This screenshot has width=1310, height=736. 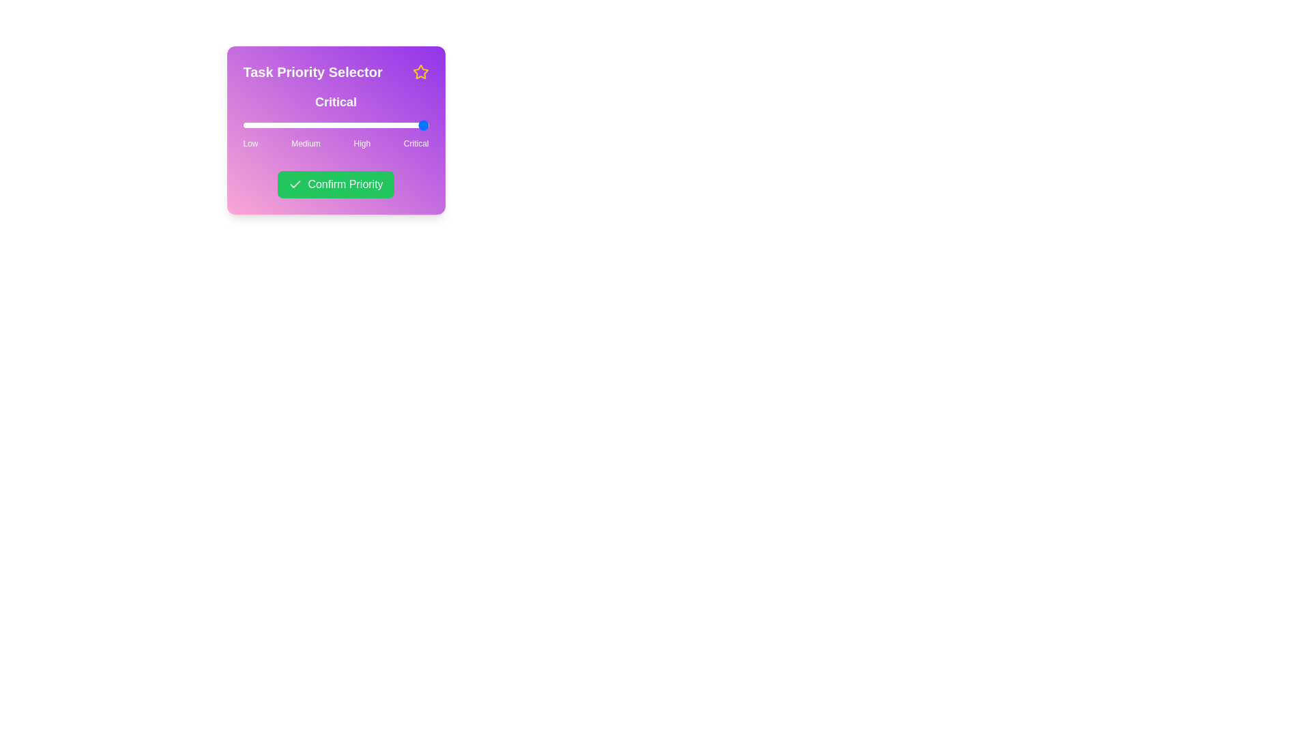 I want to click on the priority level, so click(x=366, y=125).